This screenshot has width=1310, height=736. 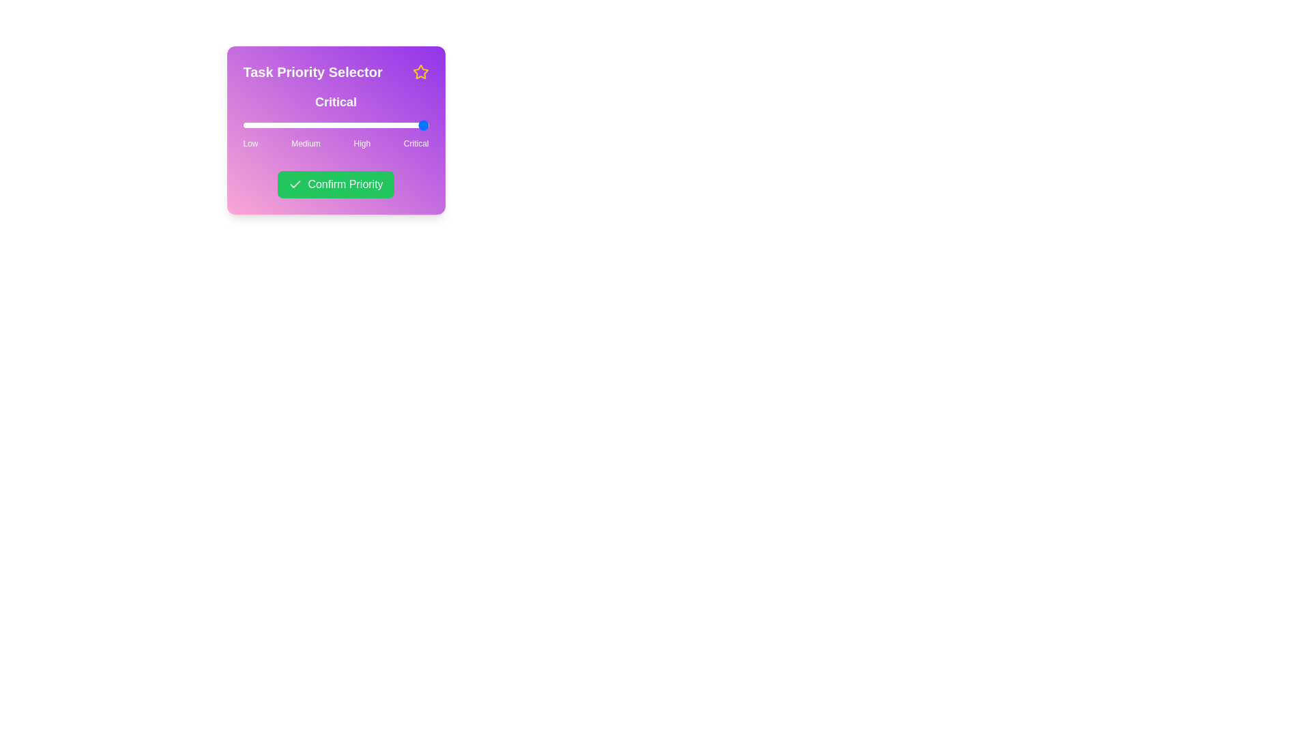 I want to click on the priority level, so click(x=366, y=125).